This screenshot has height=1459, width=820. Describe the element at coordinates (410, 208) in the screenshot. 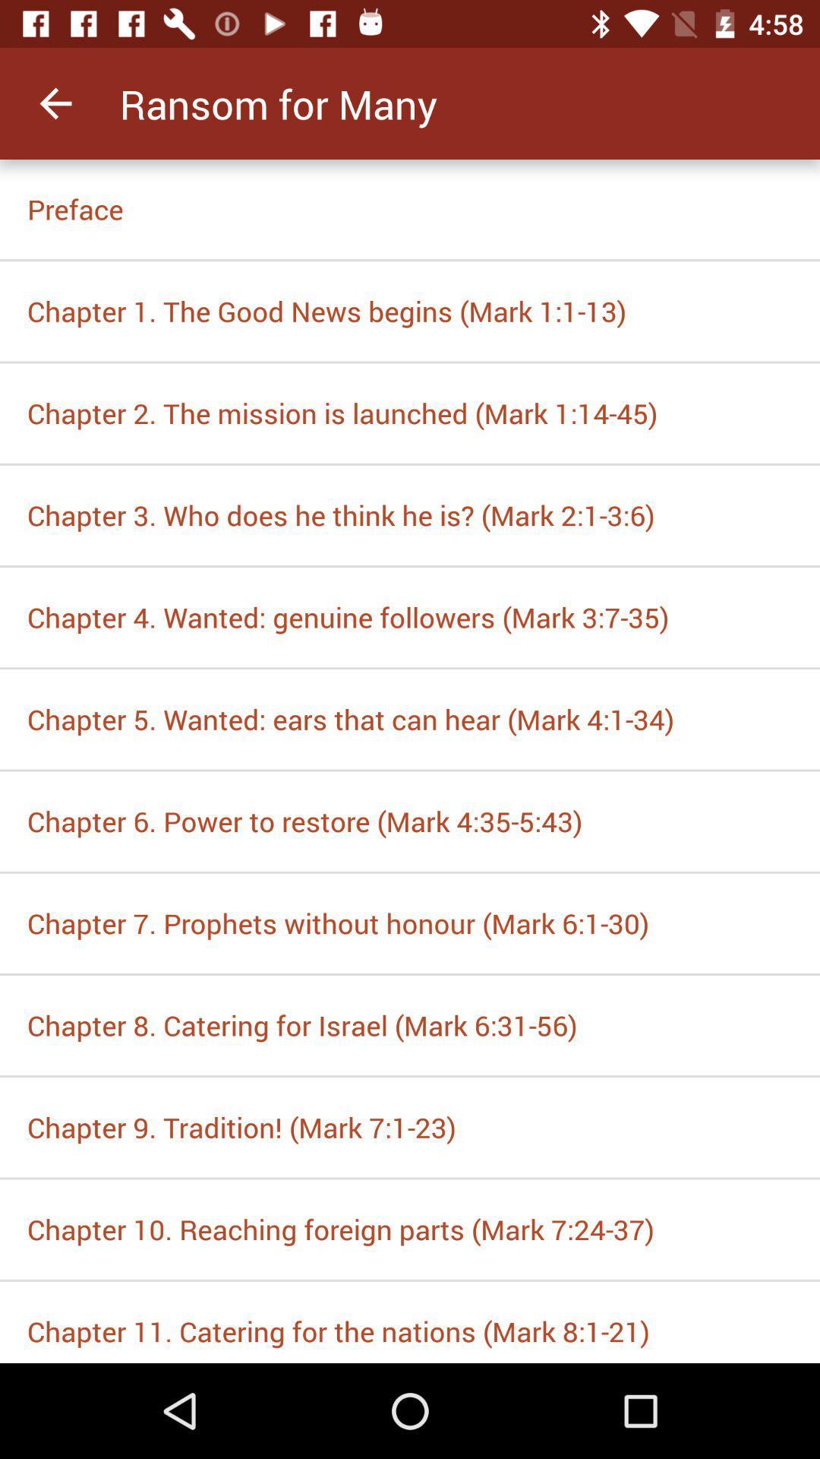

I see `the preface` at that location.